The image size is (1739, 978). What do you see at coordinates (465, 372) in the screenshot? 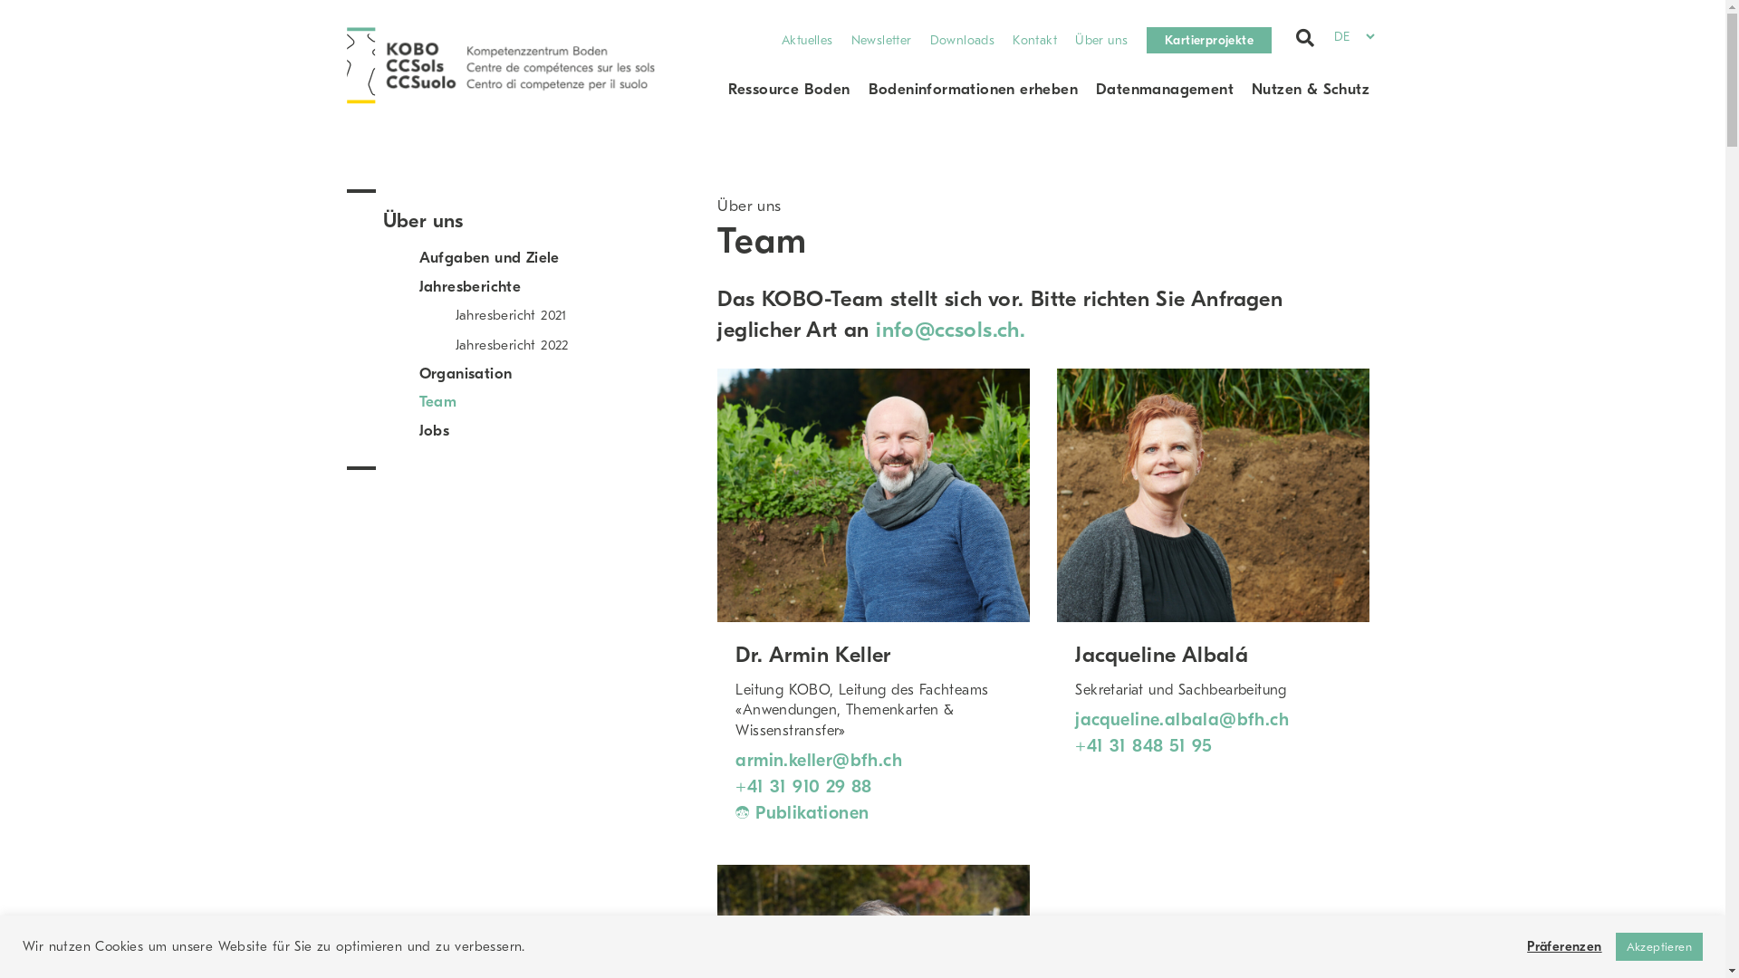
I see `'Organisation'` at bounding box center [465, 372].